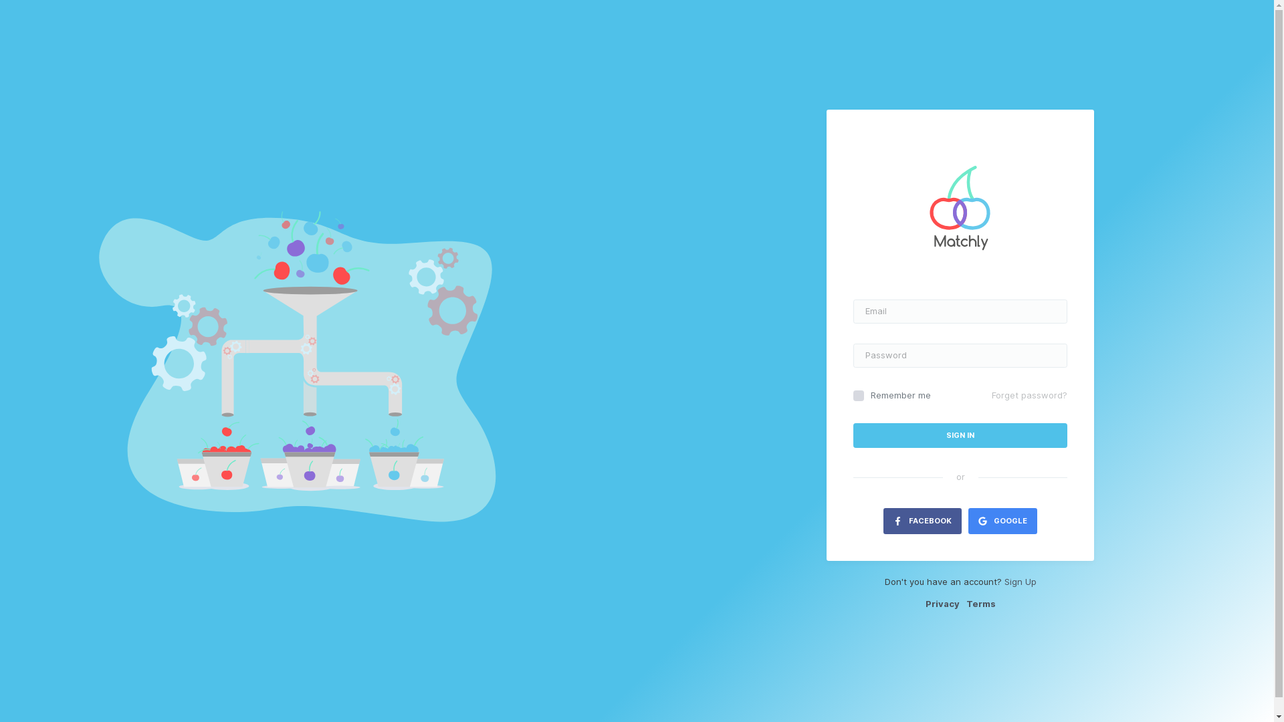 The height and width of the screenshot is (722, 1284). What do you see at coordinates (942, 603) in the screenshot?
I see `'Privacy'` at bounding box center [942, 603].